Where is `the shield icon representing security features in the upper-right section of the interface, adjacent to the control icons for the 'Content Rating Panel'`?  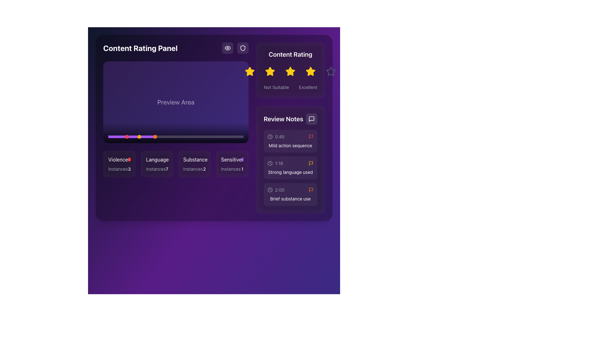
the shield icon representing security features in the upper-right section of the interface, adjacent to the control icons for the 'Content Rating Panel' is located at coordinates (242, 47).